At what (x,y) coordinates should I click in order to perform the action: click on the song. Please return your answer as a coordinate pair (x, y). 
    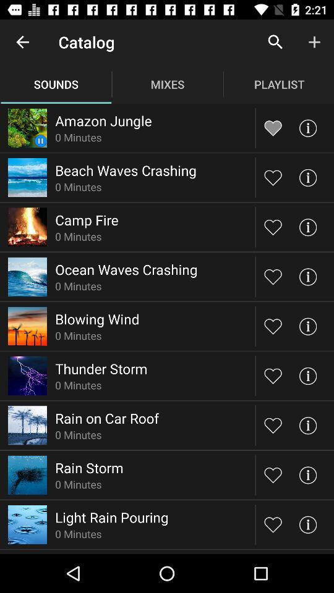
    Looking at the image, I should click on (273, 326).